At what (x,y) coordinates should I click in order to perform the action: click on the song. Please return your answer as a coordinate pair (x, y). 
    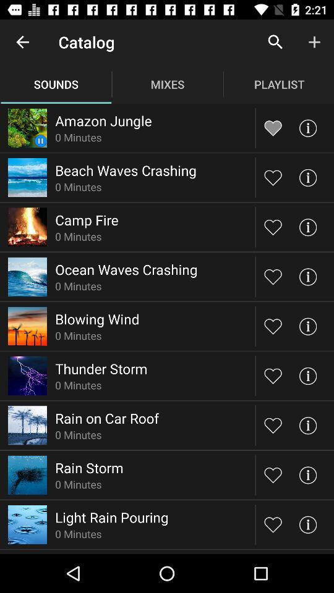
    Looking at the image, I should click on (273, 326).